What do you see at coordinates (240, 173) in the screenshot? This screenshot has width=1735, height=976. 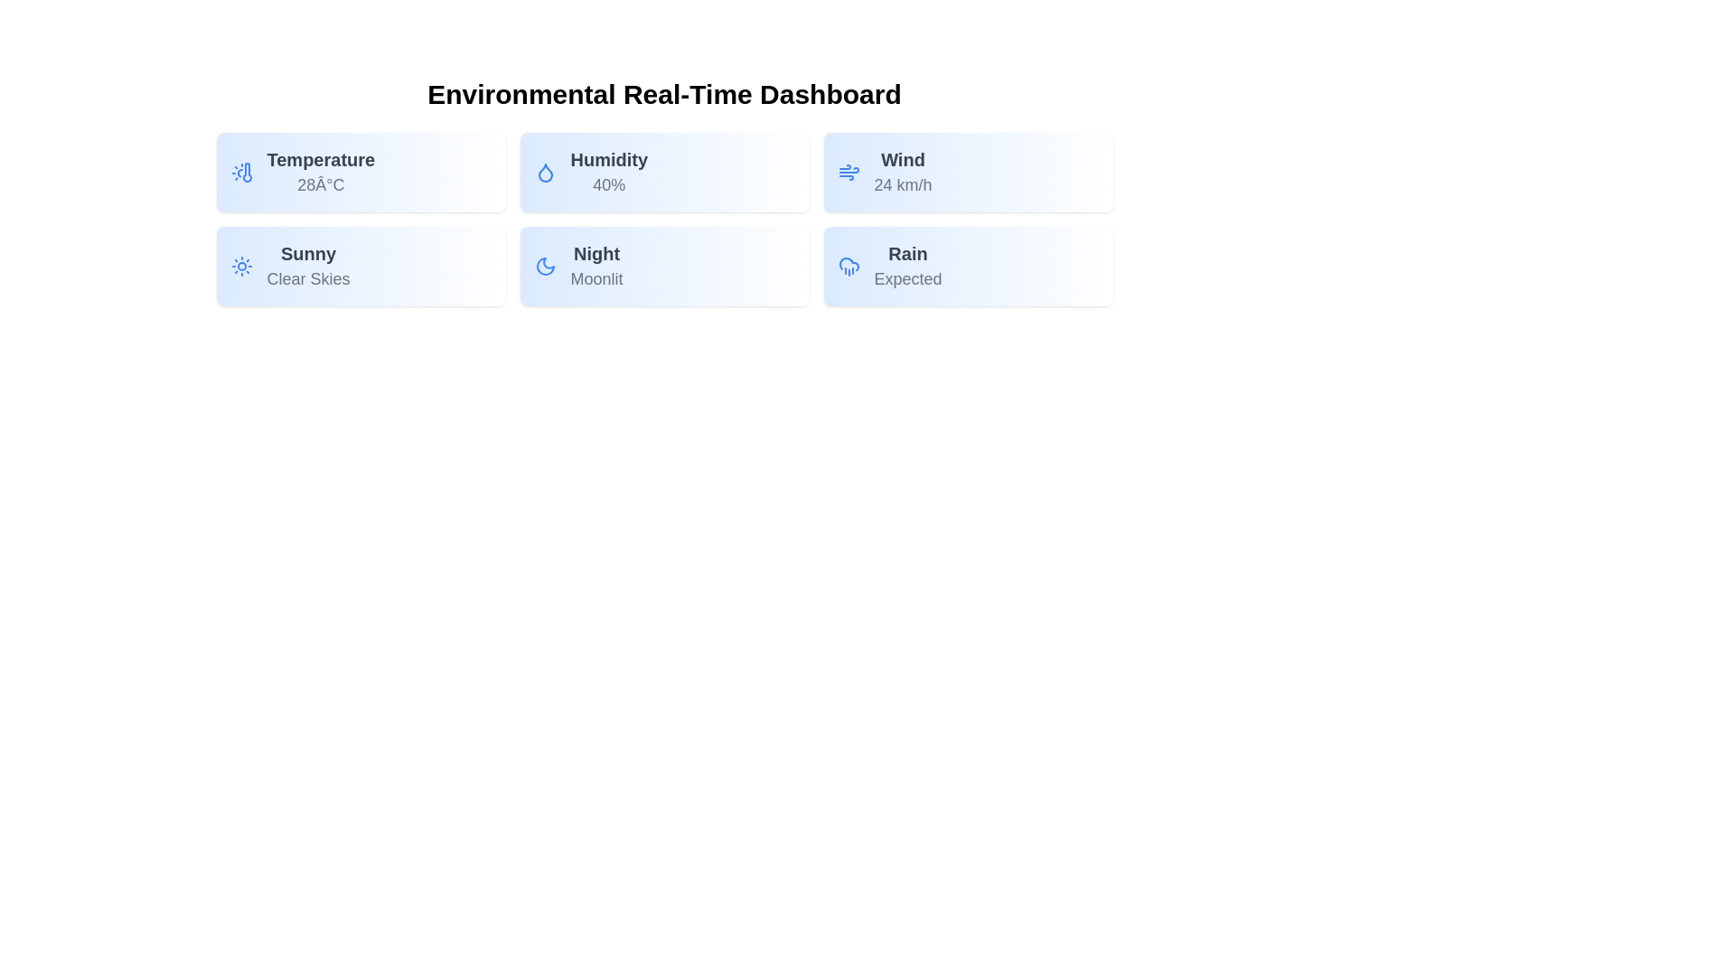 I see `the graphical icon that visually indicates temperature information, which is centrally placed above the 'Temperature' text in the leftmost card of the grid layout` at bounding box center [240, 173].